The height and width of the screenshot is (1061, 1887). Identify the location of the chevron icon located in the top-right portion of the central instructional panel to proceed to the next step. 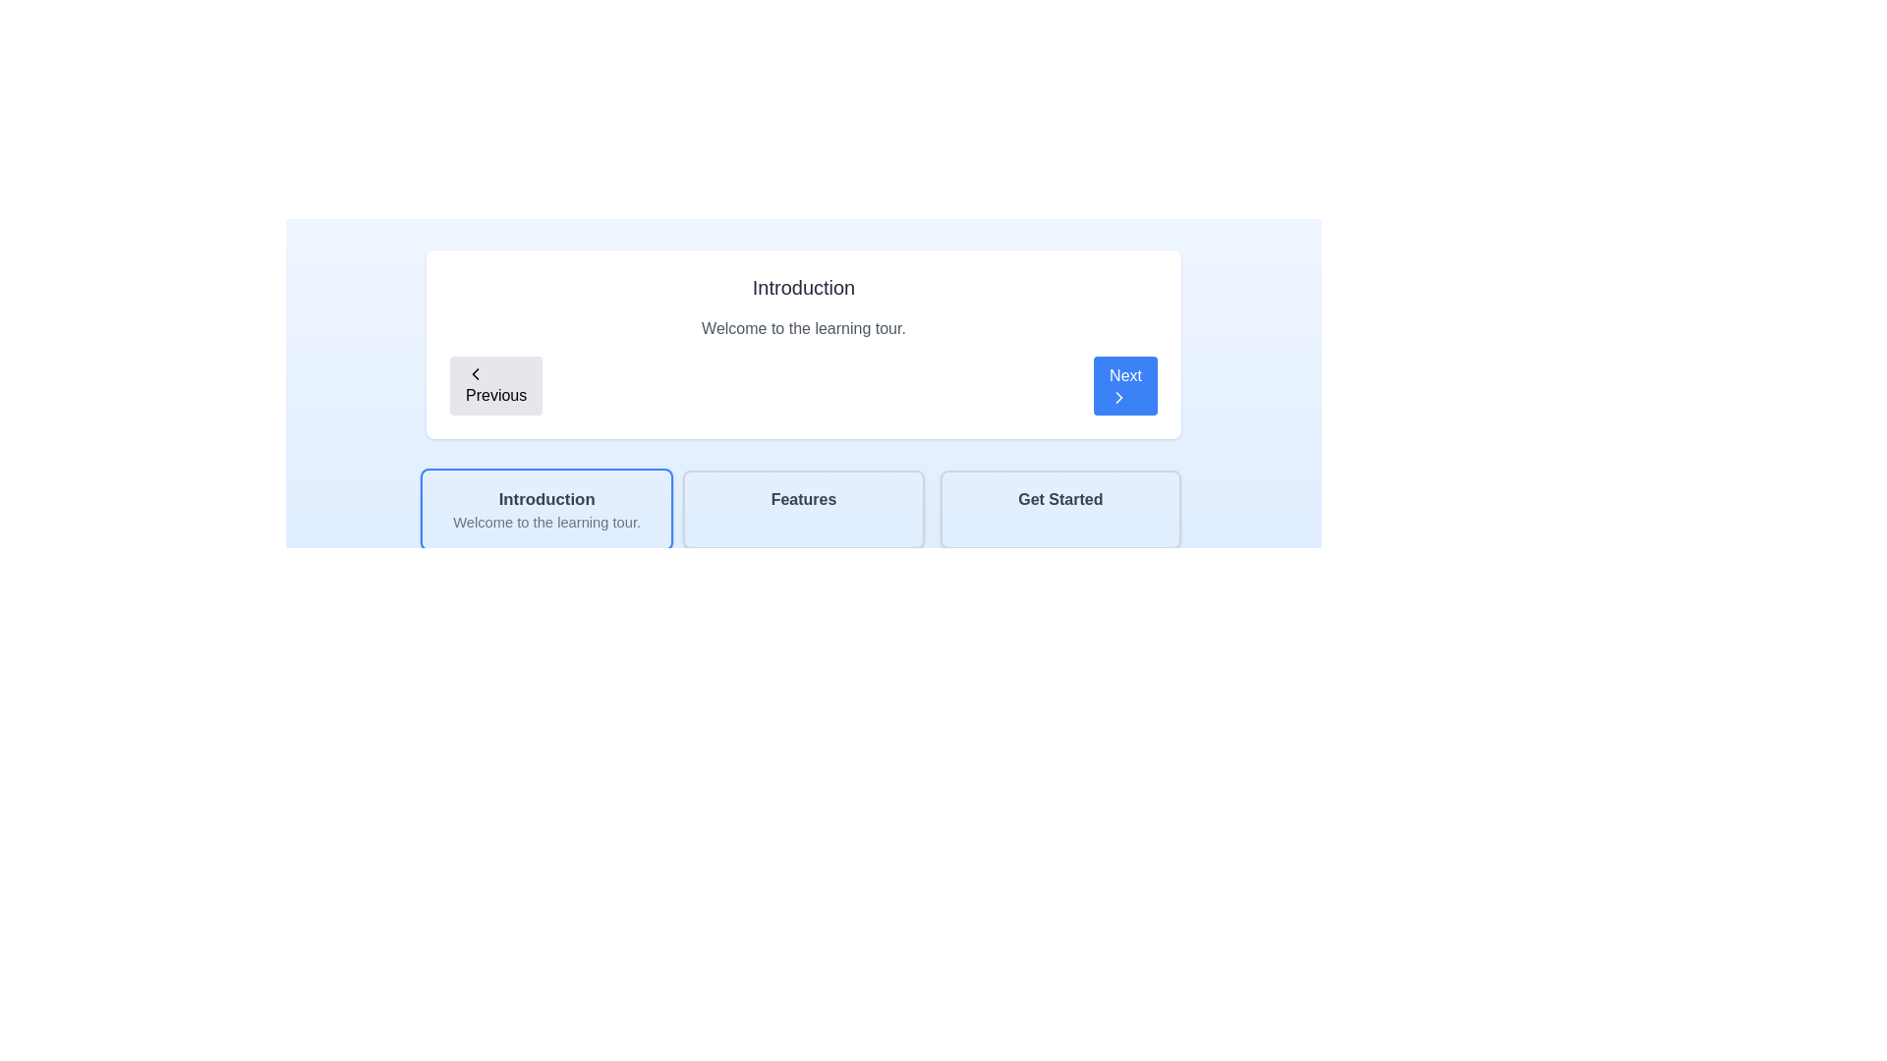
(1119, 398).